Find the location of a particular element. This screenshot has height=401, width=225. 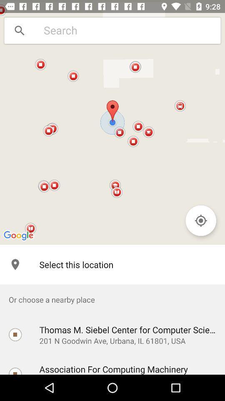

the item on the right is located at coordinates (200, 220).